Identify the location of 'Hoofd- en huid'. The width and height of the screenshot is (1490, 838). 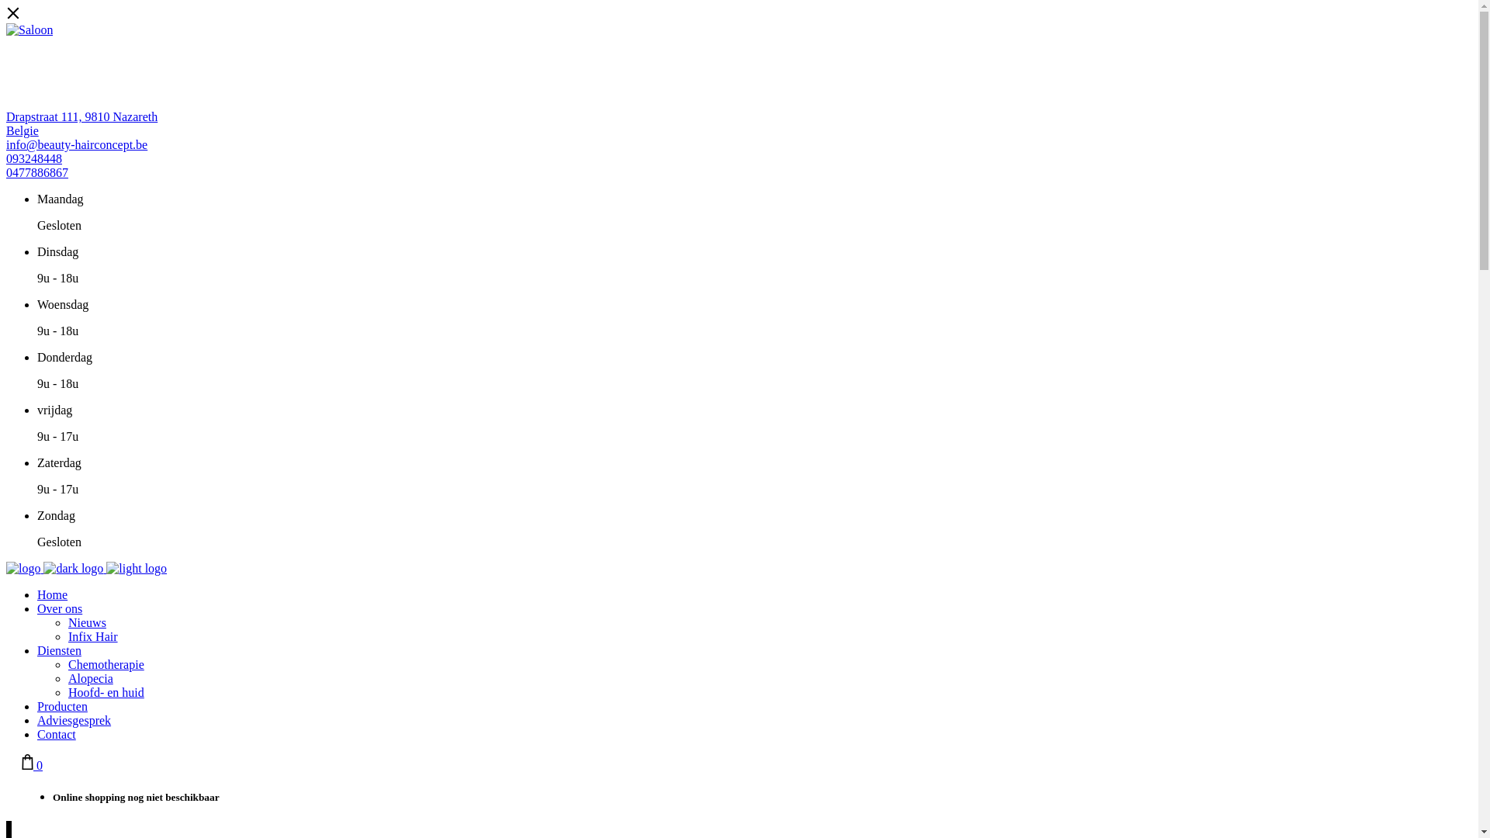
(106, 691).